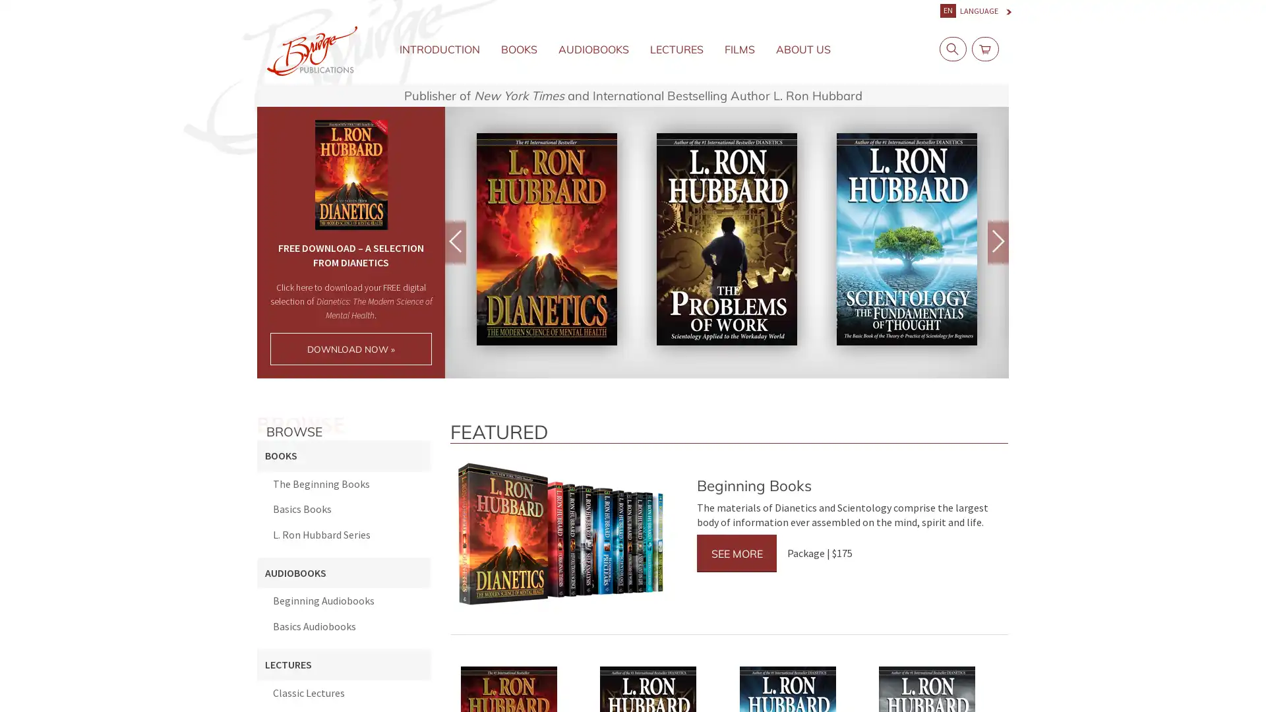 The image size is (1266, 712). Describe the element at coordinates (950, 48) in the screenshot. I see `Search W` at that location.